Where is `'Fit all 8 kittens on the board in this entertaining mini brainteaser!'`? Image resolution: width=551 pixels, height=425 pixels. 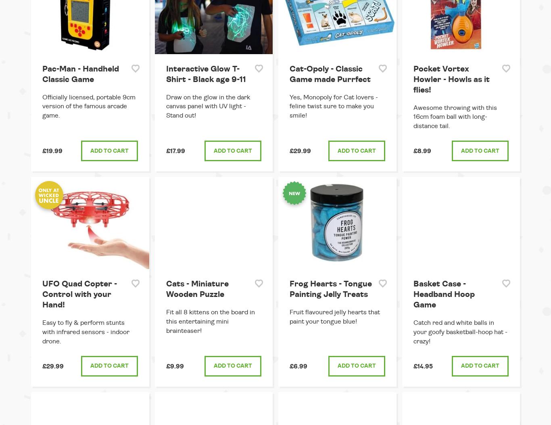
'Fit all 8 kittens on the board in this entertaining mini brainteaser!' is located at coordinates (210, 321).